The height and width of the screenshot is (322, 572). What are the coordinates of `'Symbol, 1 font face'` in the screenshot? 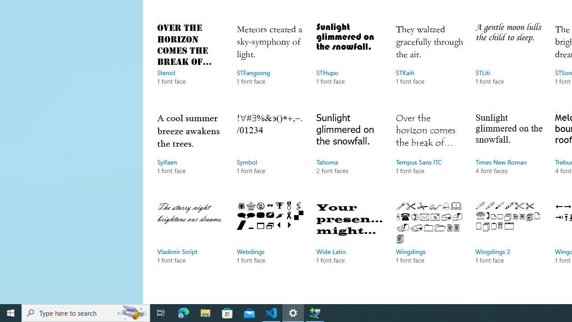 It's located at (269, 152).